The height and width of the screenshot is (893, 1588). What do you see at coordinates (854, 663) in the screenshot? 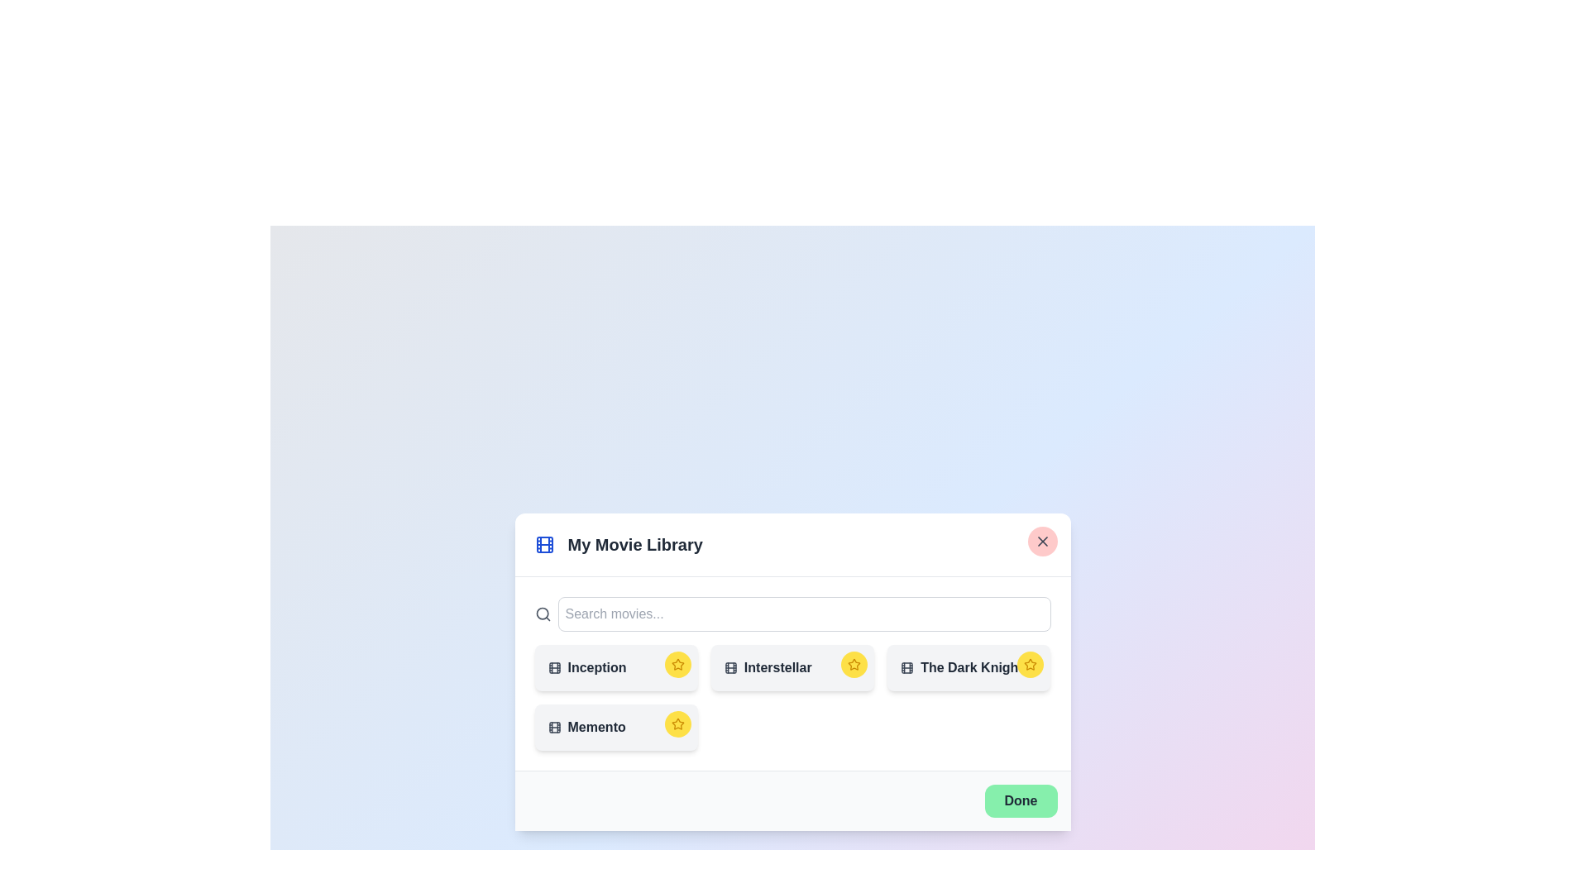
I see `the favorite marker button located in the upper-right corner of the 'Interstellar' card` at bounding box center [854, 663].